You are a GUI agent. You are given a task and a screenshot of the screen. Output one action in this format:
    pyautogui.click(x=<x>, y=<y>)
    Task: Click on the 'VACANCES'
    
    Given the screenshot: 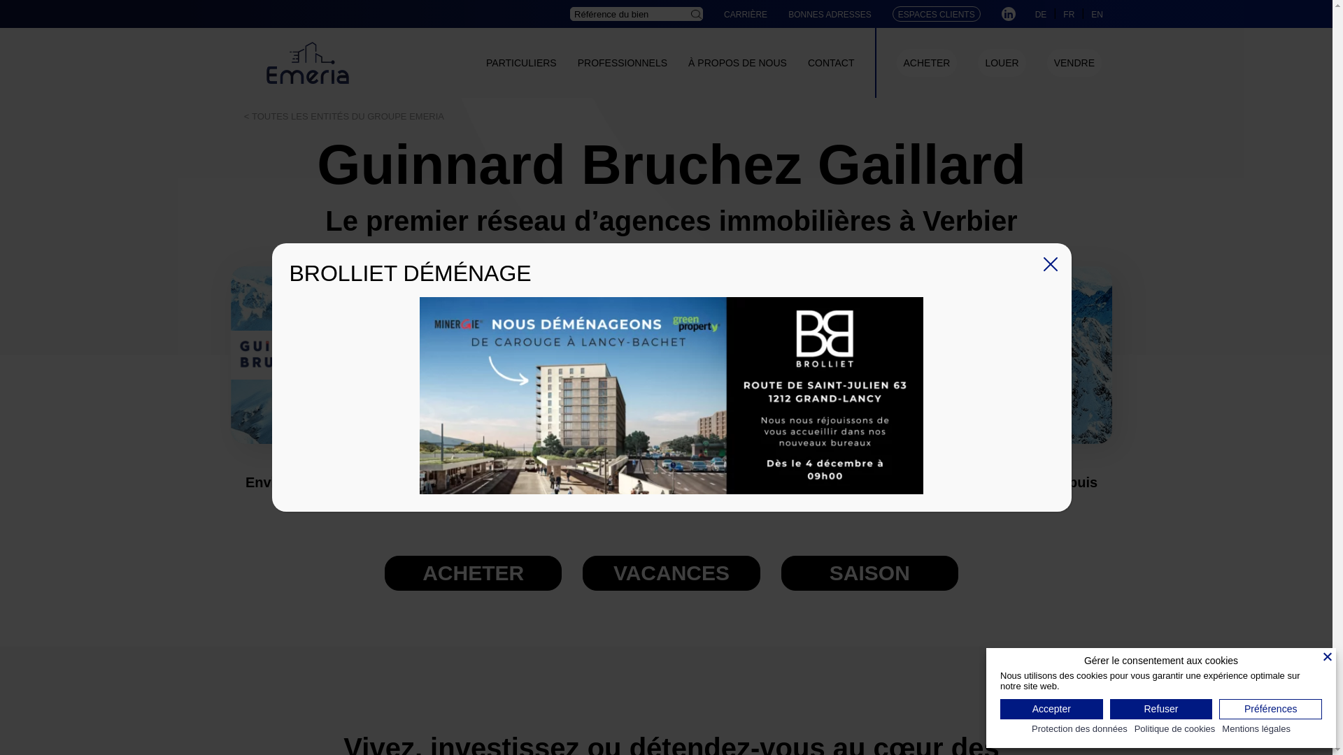 What is the action you would take?
    pyautogui.click(x=670, y=573)
    